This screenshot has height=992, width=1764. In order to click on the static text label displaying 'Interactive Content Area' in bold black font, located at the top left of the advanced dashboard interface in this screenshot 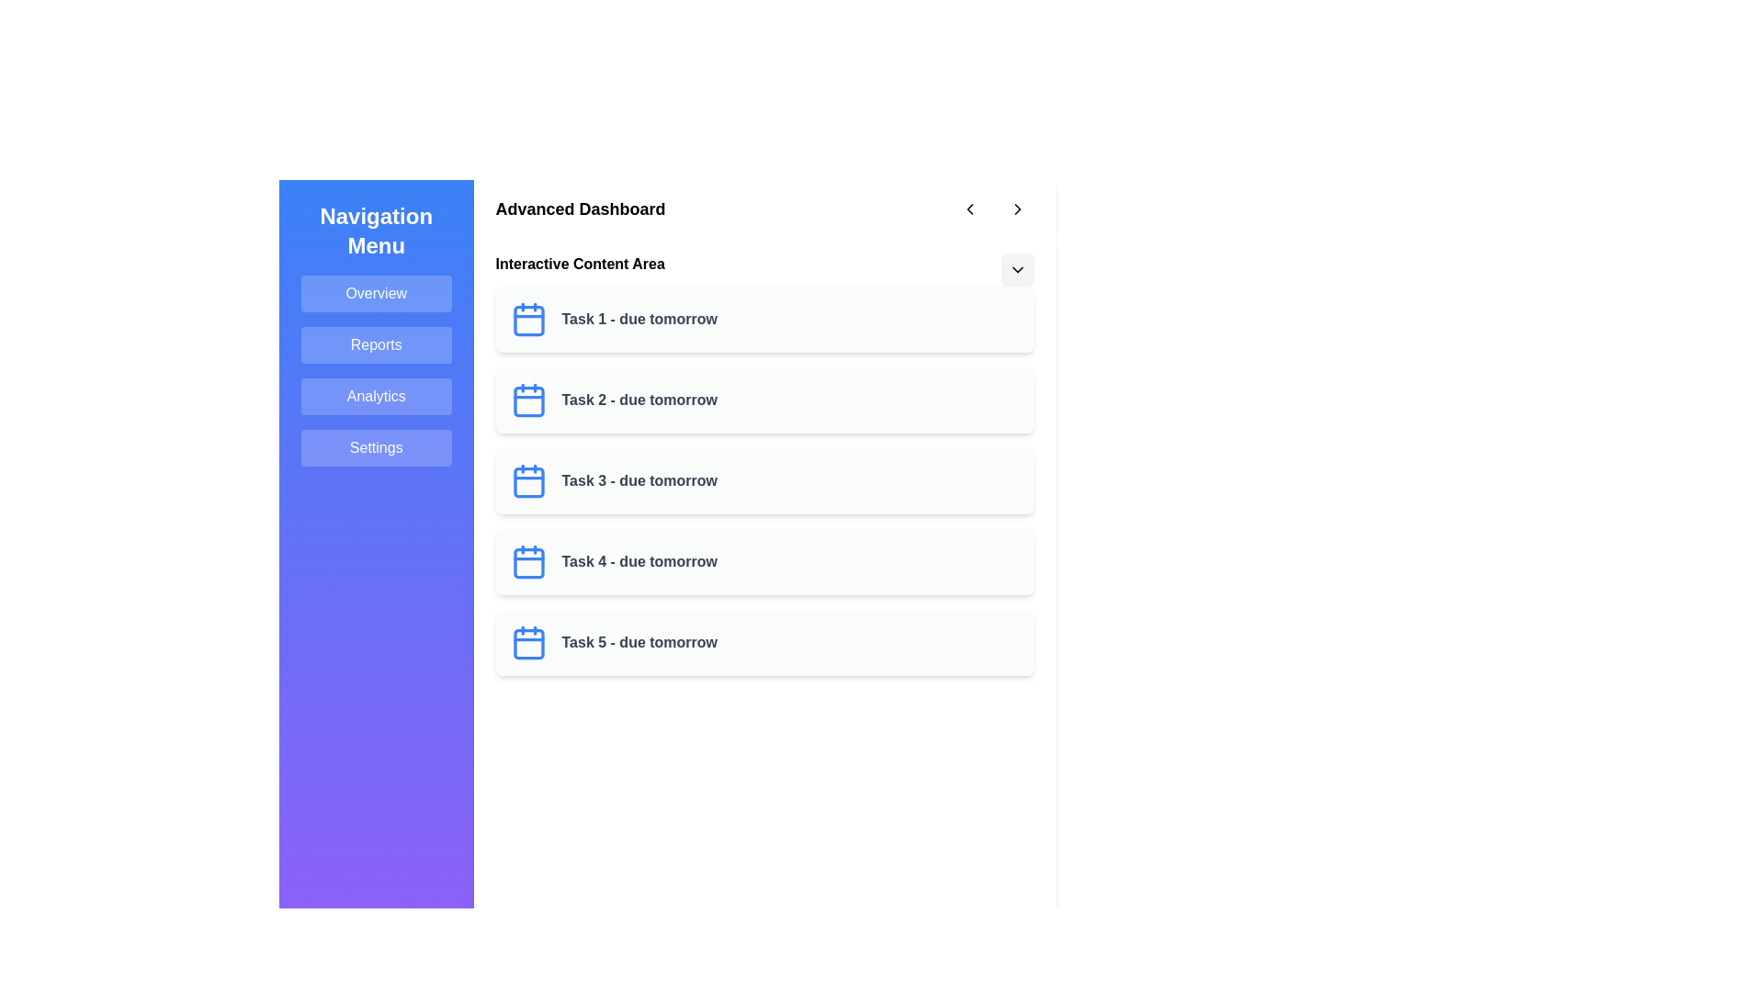, I will do `click(579, 265)`.